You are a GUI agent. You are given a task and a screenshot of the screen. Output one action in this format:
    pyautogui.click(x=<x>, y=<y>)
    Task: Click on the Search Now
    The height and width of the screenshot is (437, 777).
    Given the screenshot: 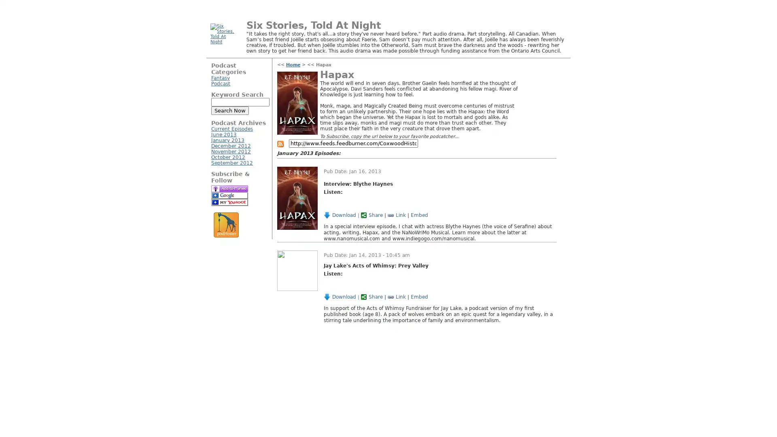 What is the action you would take?
    pyautogui.click(x=229, y=110)
    